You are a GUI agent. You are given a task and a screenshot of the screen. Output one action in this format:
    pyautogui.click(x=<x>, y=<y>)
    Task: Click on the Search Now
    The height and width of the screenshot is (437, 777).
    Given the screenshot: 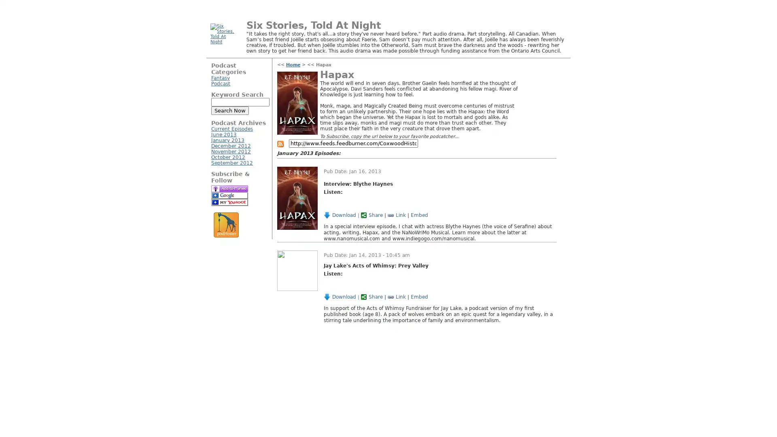 What is the action you would take?
    pyautogui.click(x=229, y=110)
    